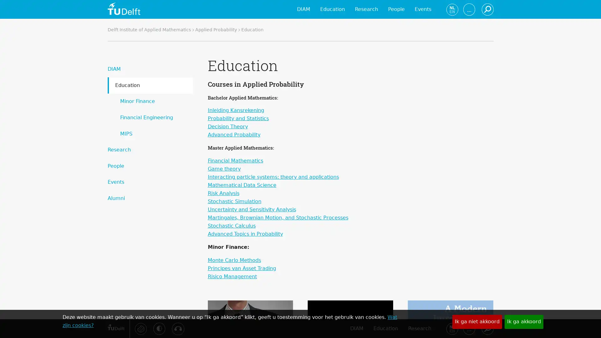 The height and width of the screenshot is (338, 601). Describe the element at coordinates (487, 9) in the screenshot. I see `Zoeken` at that location.